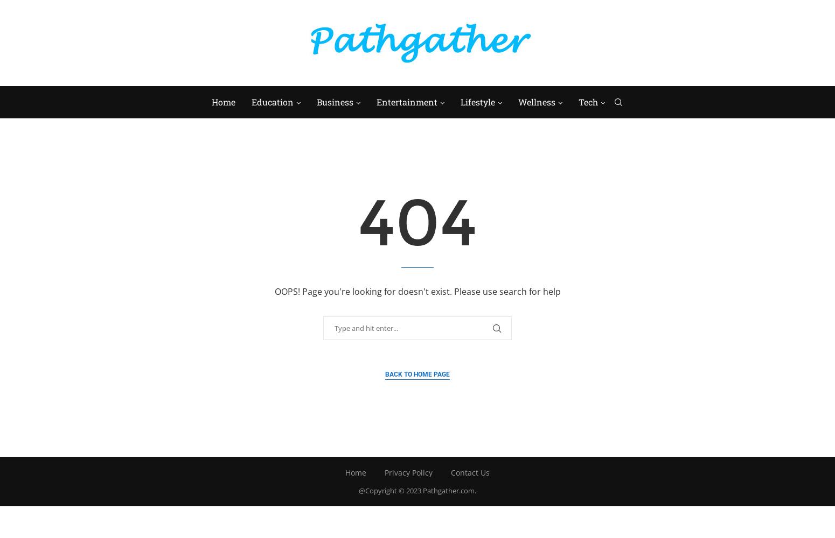 This screenshot has width=835, height=538. What do you see at coordinates (578, 101) in the screenshot?
I see `'Tech'` at bounding box center [578, 101].